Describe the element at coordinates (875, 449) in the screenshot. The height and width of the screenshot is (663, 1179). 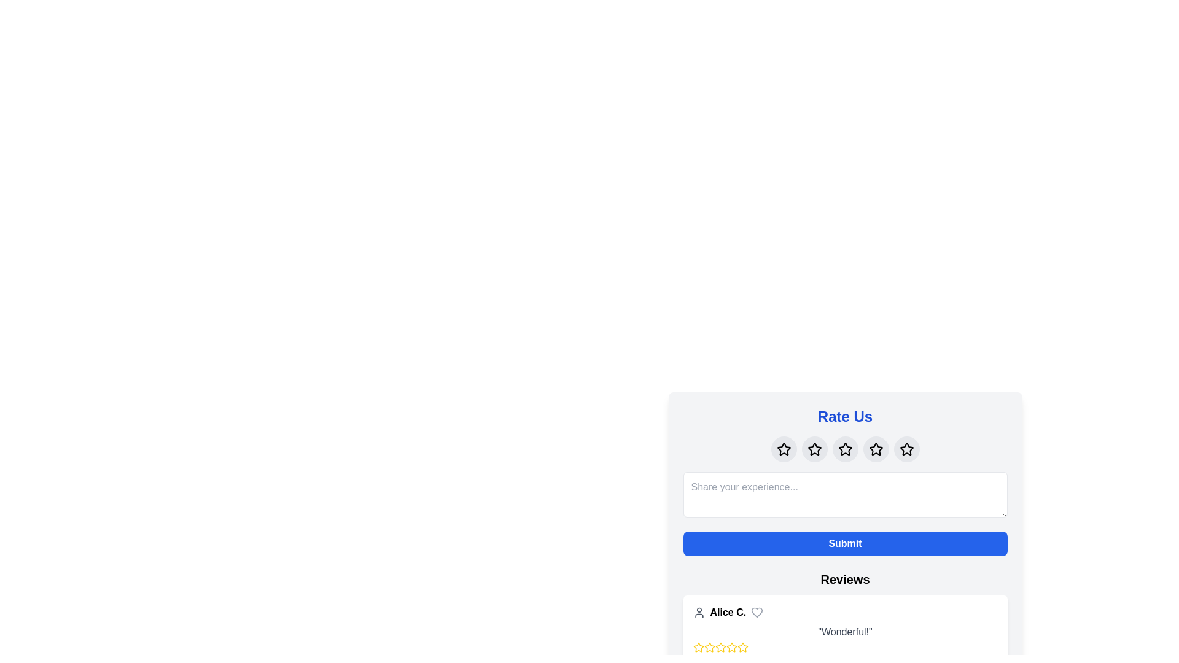
I see `the fourth star-shaped Rating Button located beneath the 'Rate Us' heading` at that location.